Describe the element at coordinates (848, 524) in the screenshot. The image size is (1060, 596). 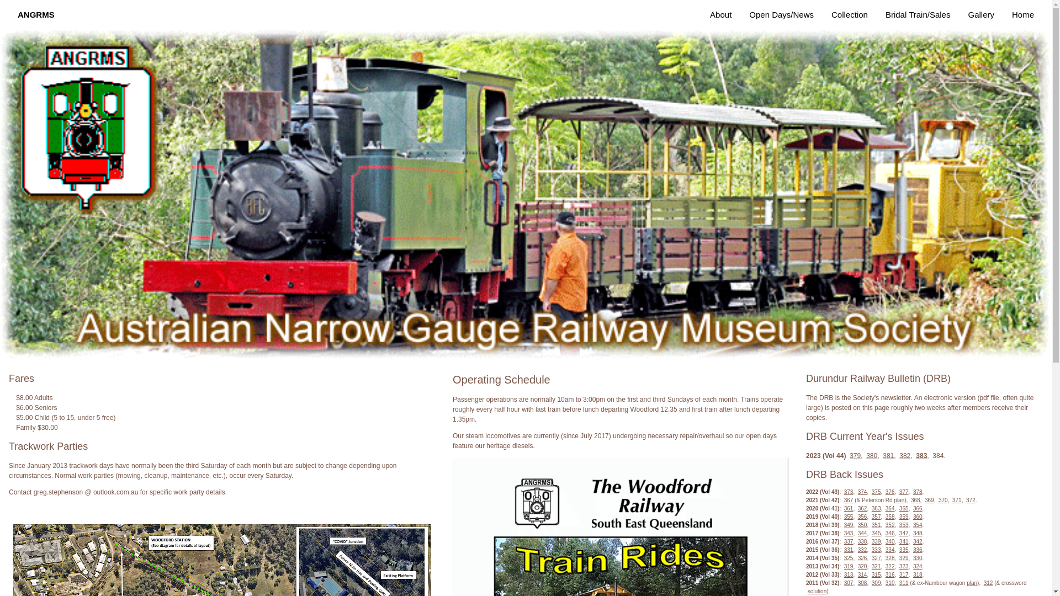
I see `'349'` at that location.